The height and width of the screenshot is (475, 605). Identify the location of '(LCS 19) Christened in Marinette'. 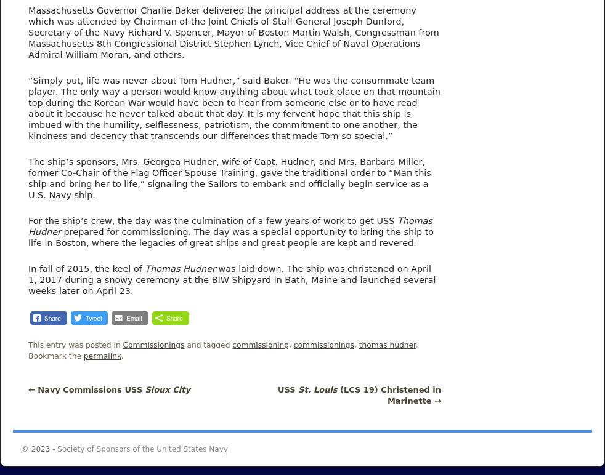
(388, 394).